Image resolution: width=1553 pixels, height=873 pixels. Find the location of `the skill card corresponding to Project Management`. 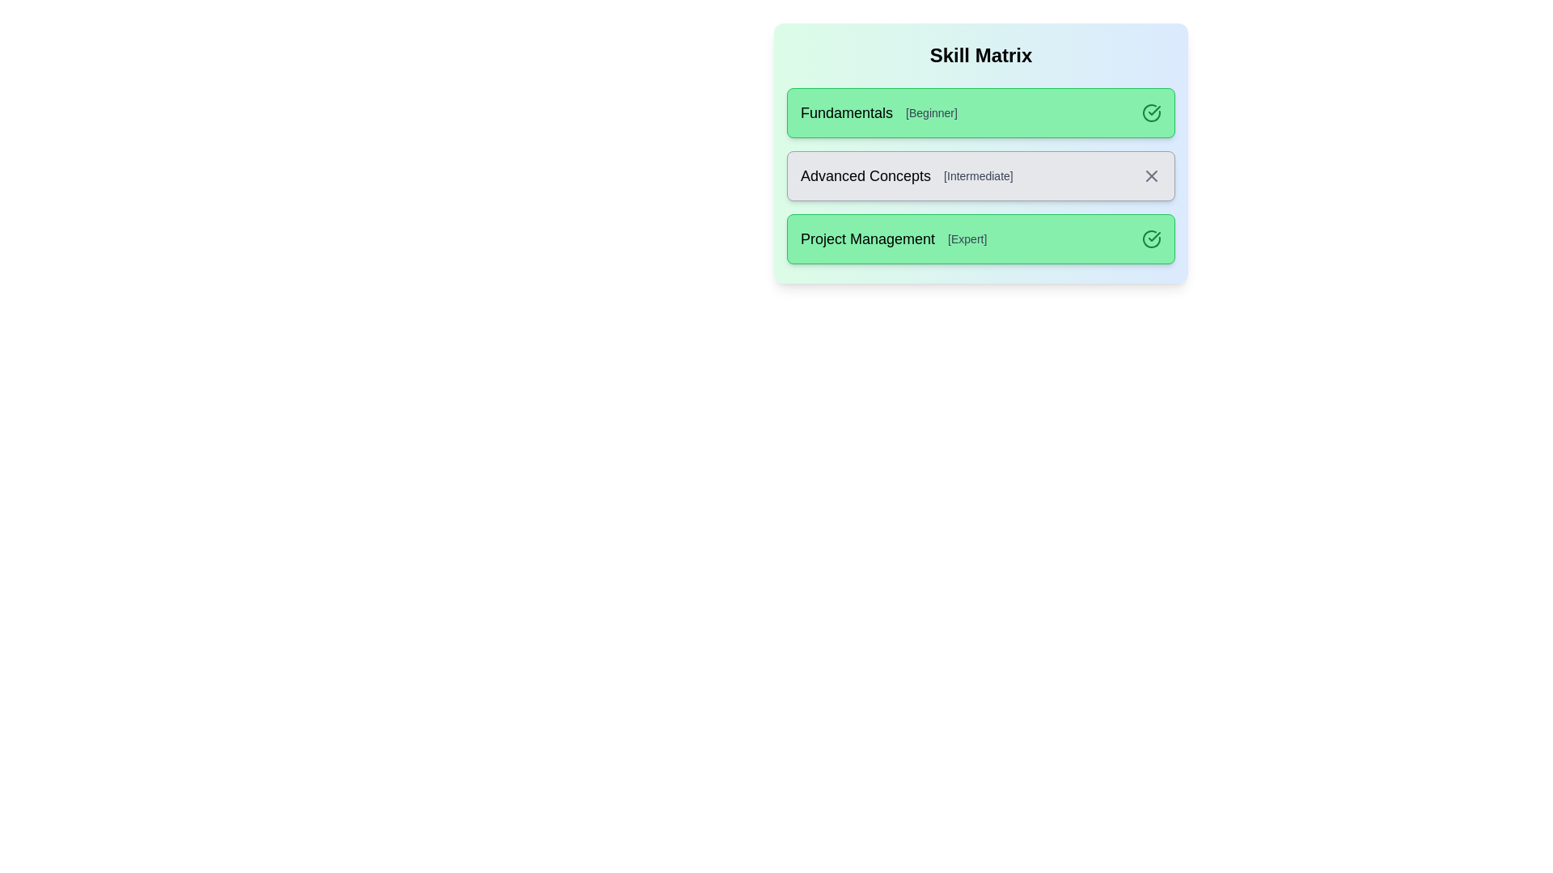

the skill card corresponding to Project Management is located at coordinates (980, 239).